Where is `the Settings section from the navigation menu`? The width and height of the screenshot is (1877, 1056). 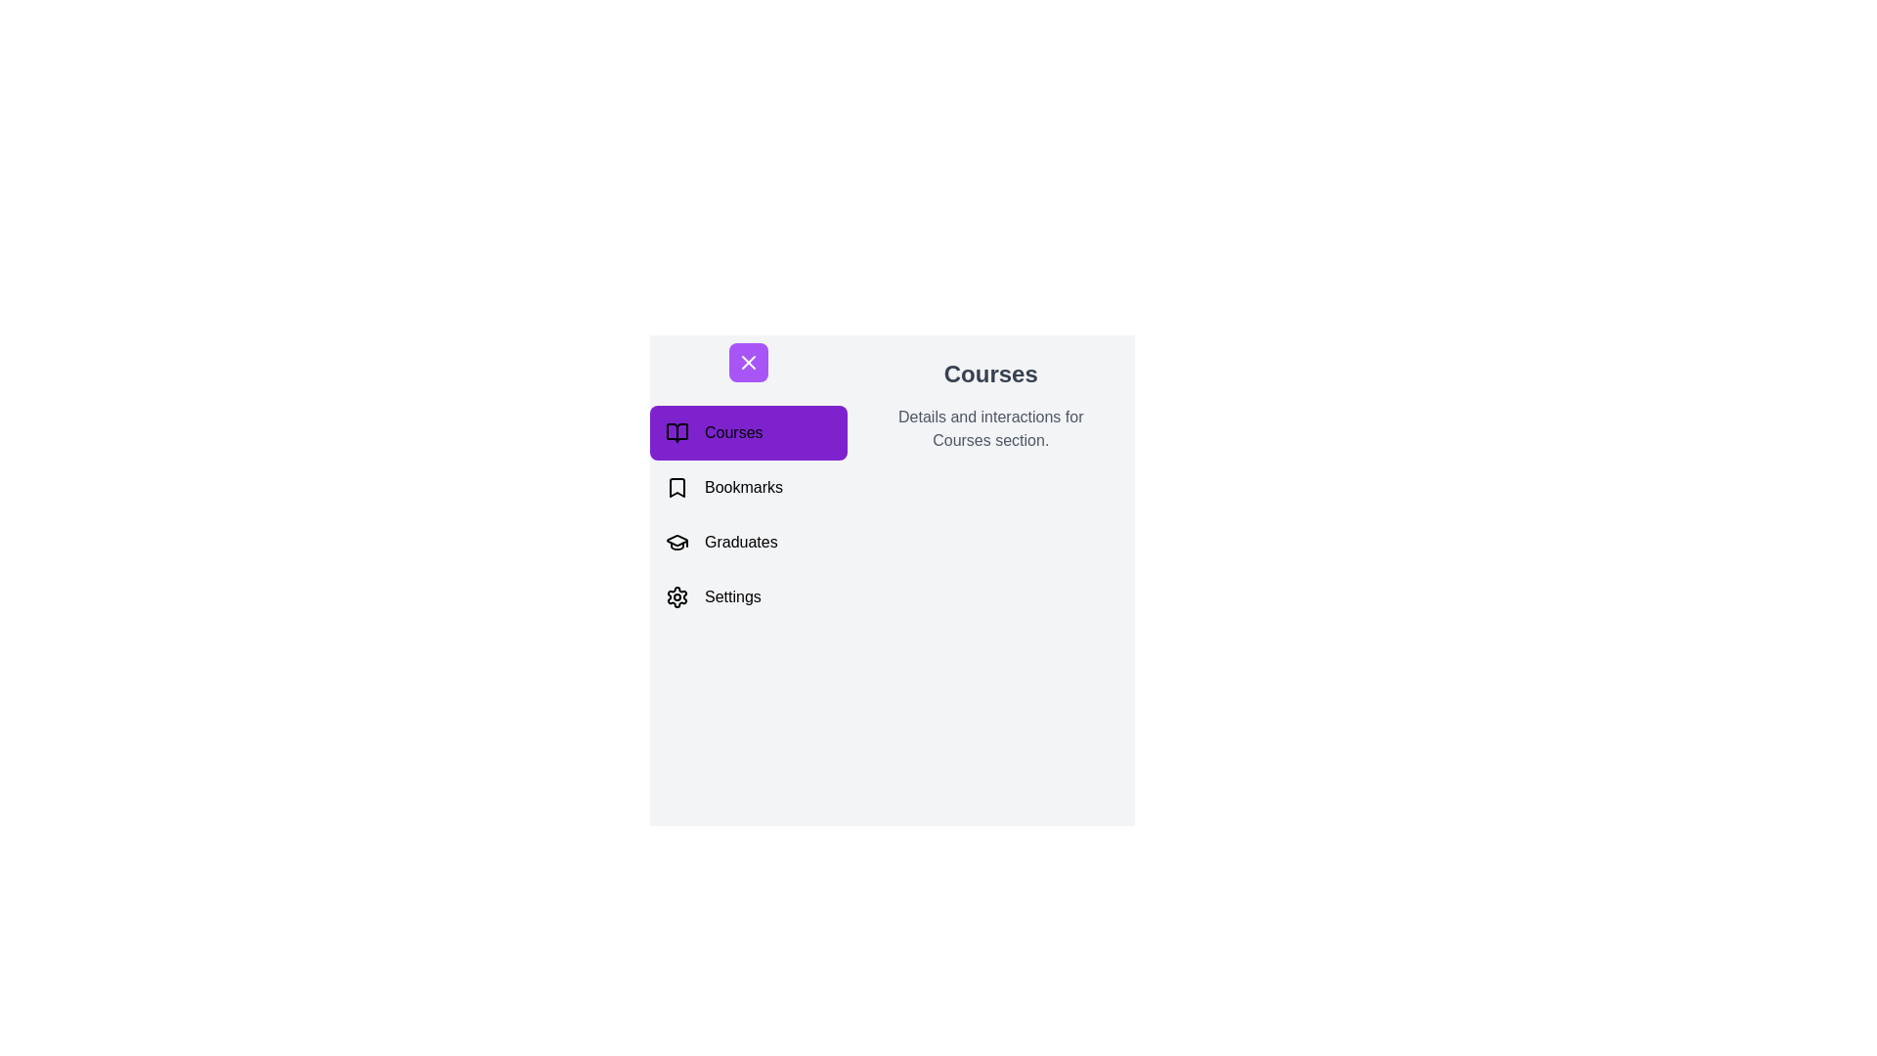 the Settings section from the navigation menu is located at coordinates (747, 595).